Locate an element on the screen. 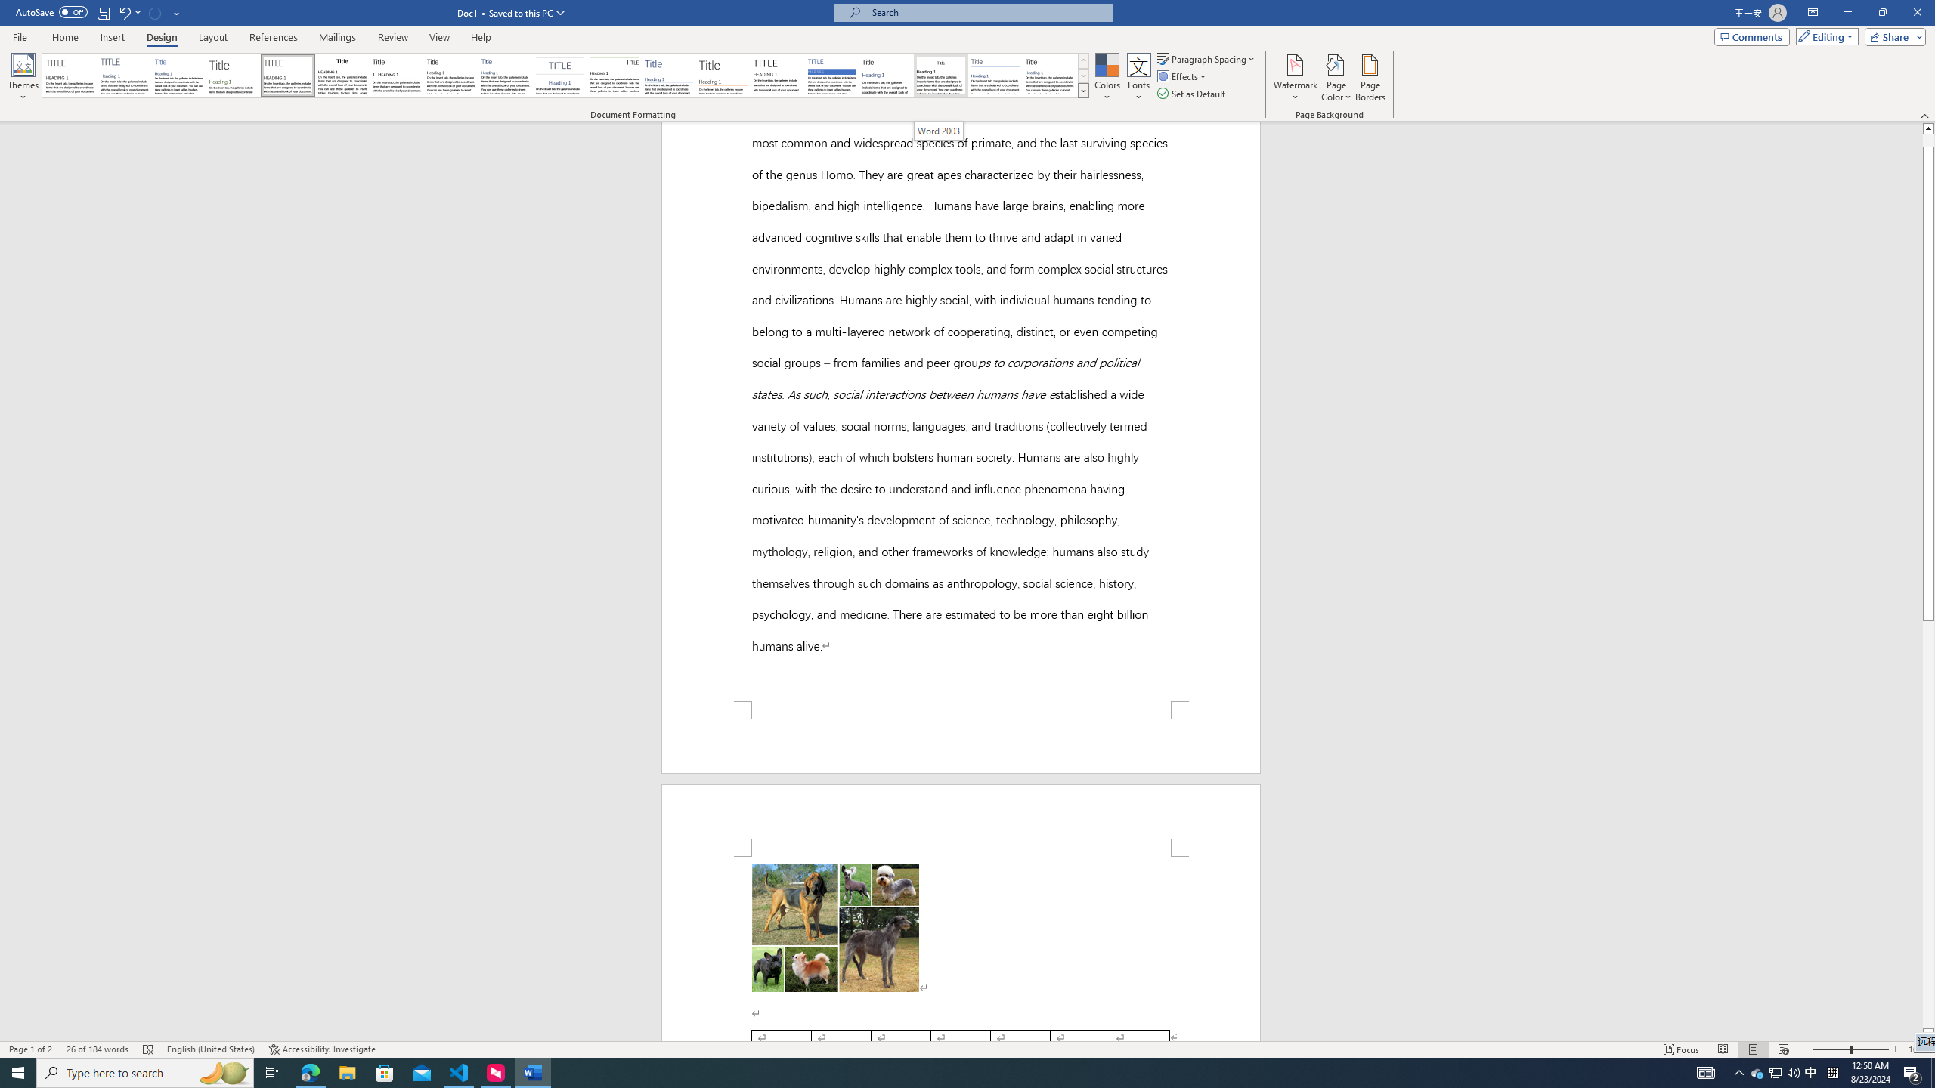 This screenshot has height=1088, width=1935. 'Effects' is located at coordinates (1183, 75).